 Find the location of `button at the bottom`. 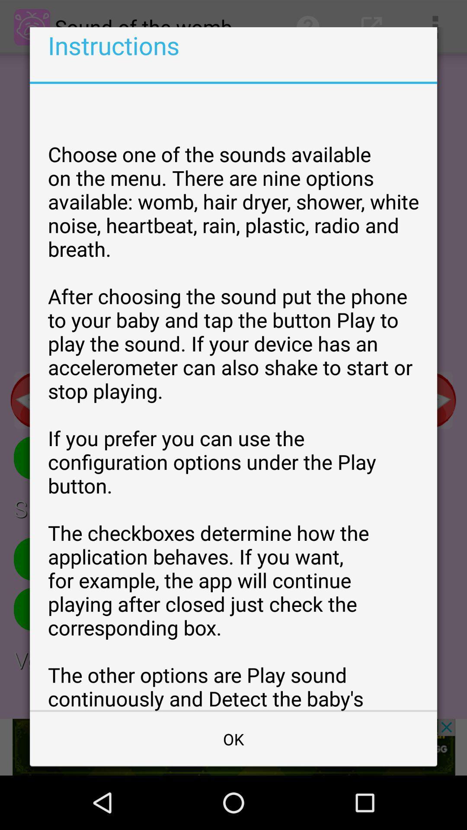

button at the bottom is located at coordinates (233, 738).